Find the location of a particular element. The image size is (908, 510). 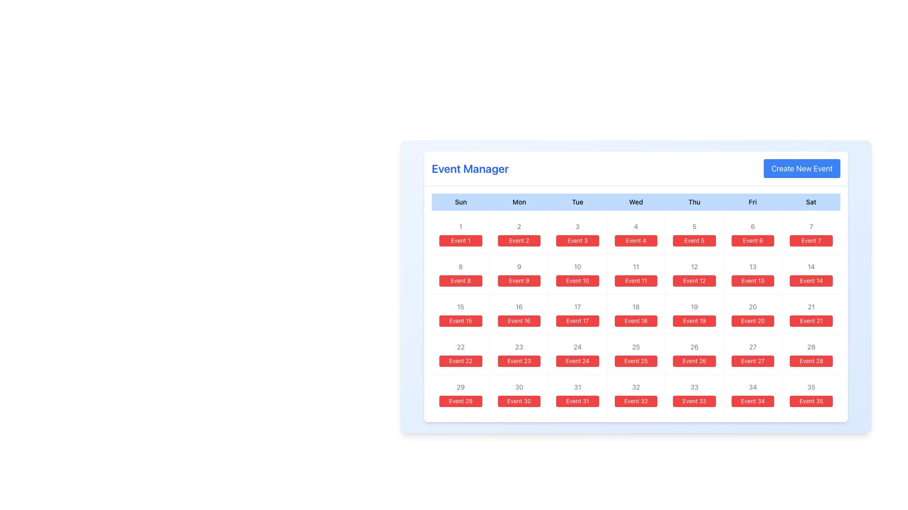

the Calendar date cell for the 25th day, which is located in the seventh row and third column under the header 'Wed' is located at coordinates (636, 355).